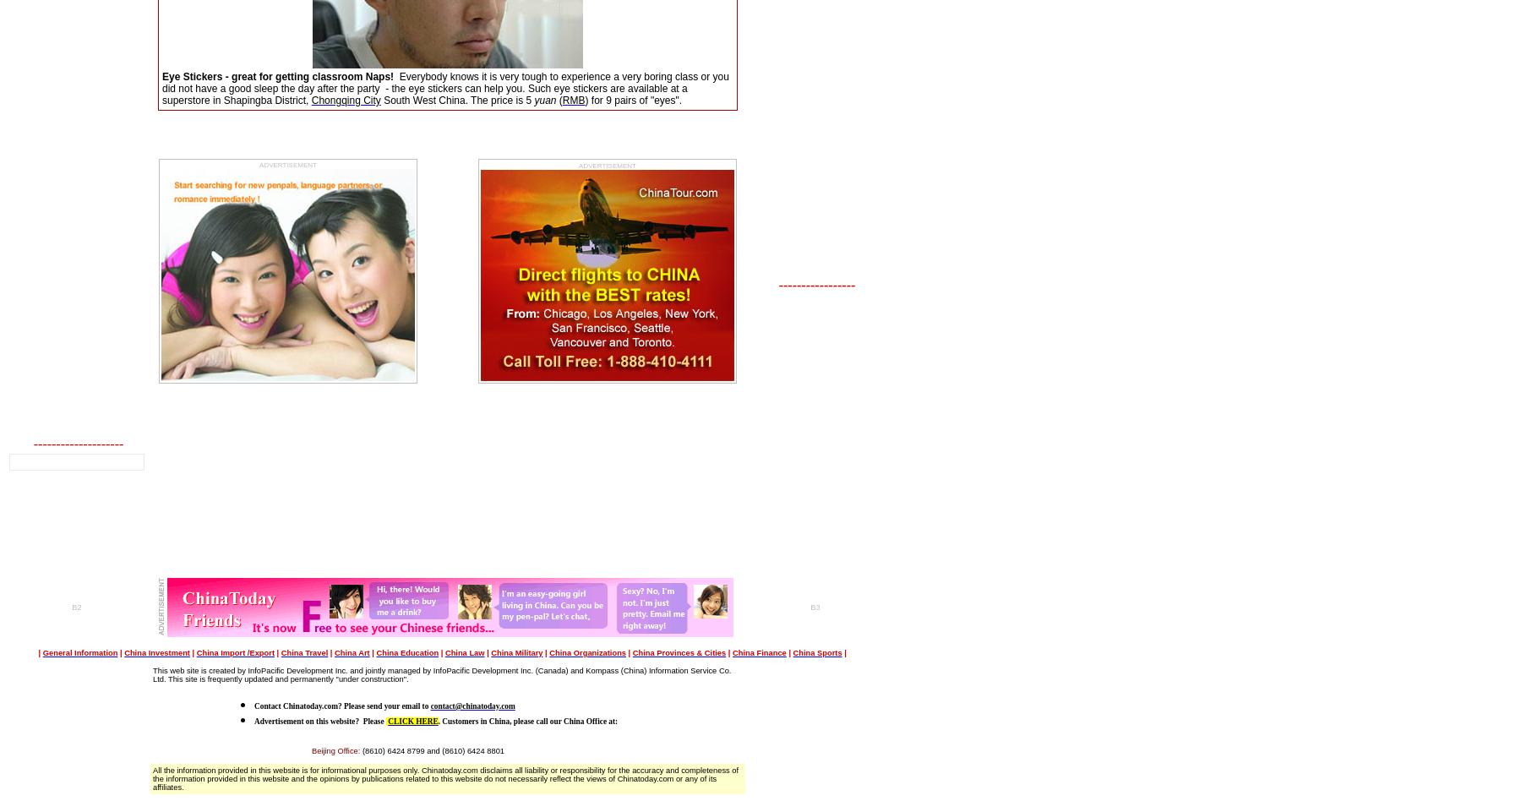  I want to click on 'CLICK 
      HERE', so click(412, 720).